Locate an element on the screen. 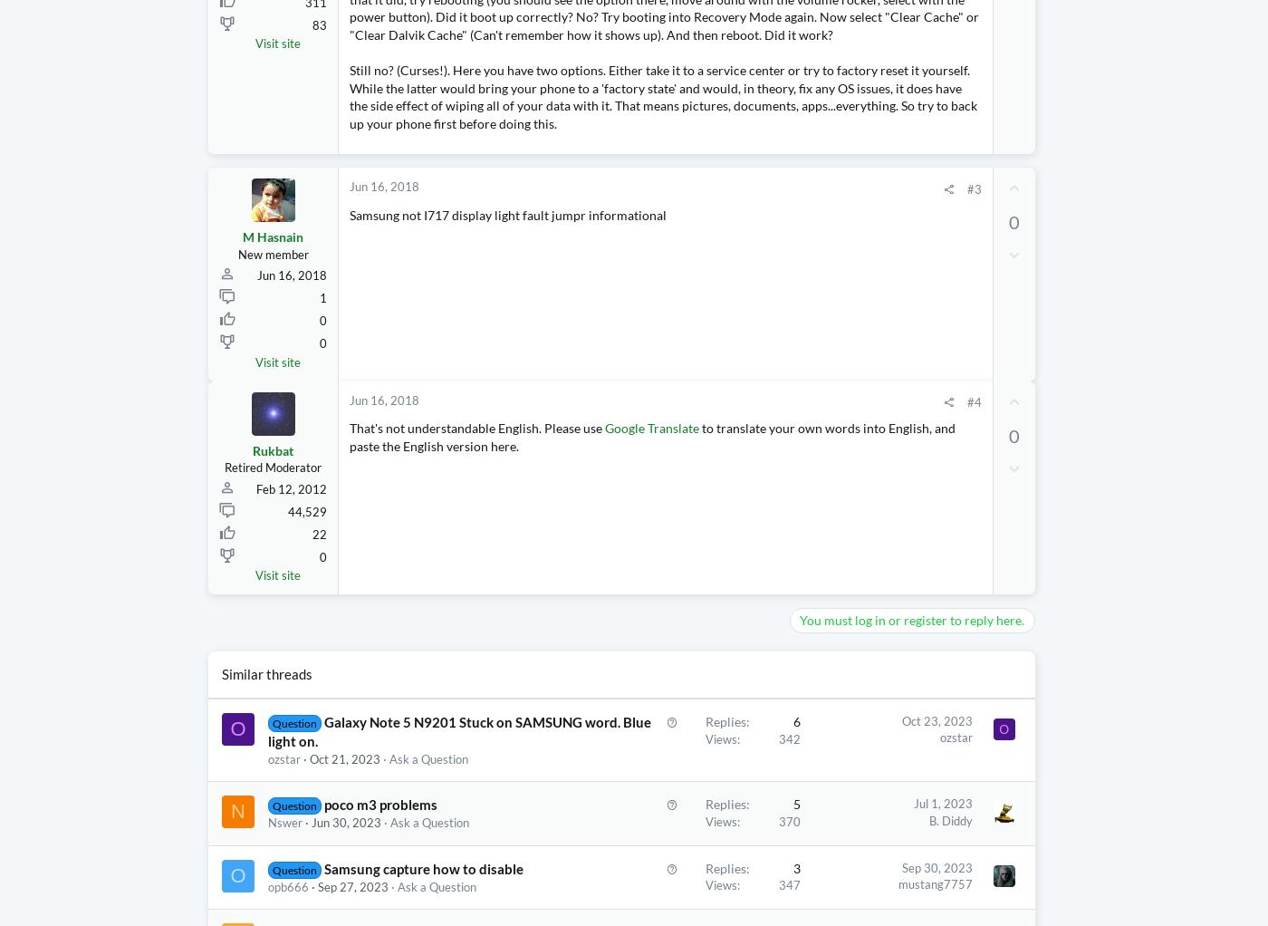 This screenshot has width=1268, height=926. 'Today at 12:14 PM' is located at coordinates (1195, 856).